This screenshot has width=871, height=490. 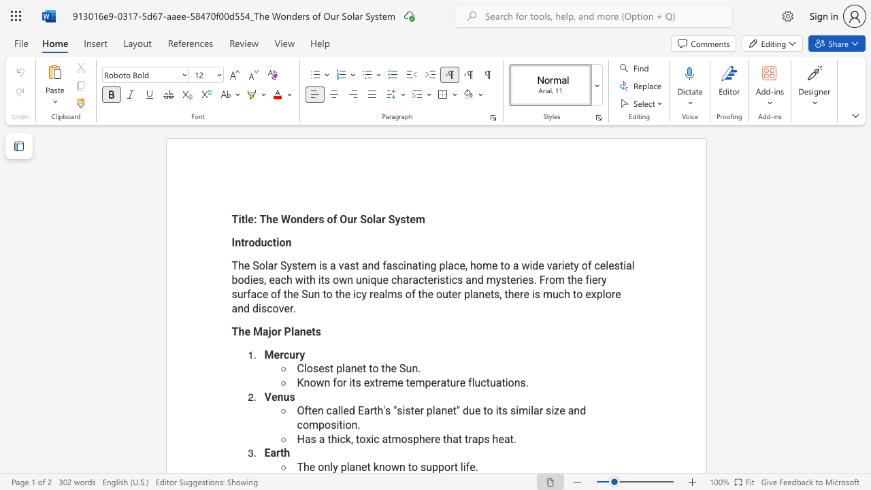 I want to click on the subset text "extreme temperature flu" within the text "Known for its extreme temperature fluctuations.", so click(x=363, y=382).